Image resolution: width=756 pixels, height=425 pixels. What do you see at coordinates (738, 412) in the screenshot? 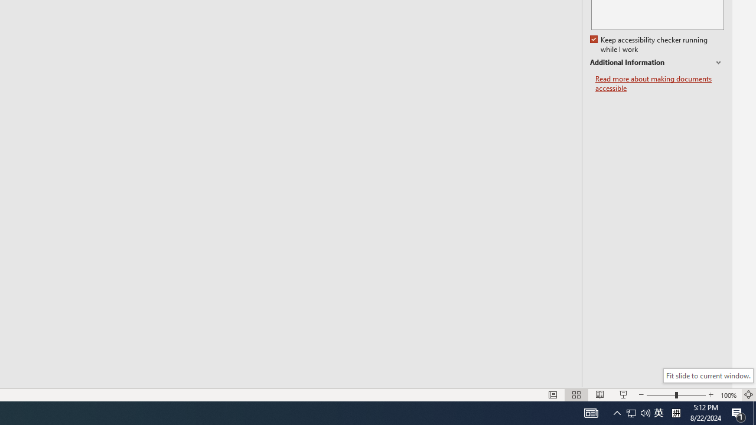
I see `'Action Center, 1 new notification'` at bounding box center [738, 412].